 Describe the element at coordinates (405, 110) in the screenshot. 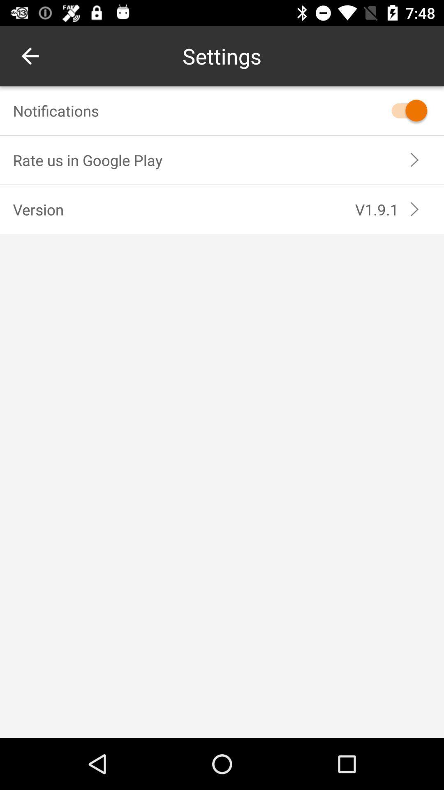

I see `icon next to notifications` at that location.